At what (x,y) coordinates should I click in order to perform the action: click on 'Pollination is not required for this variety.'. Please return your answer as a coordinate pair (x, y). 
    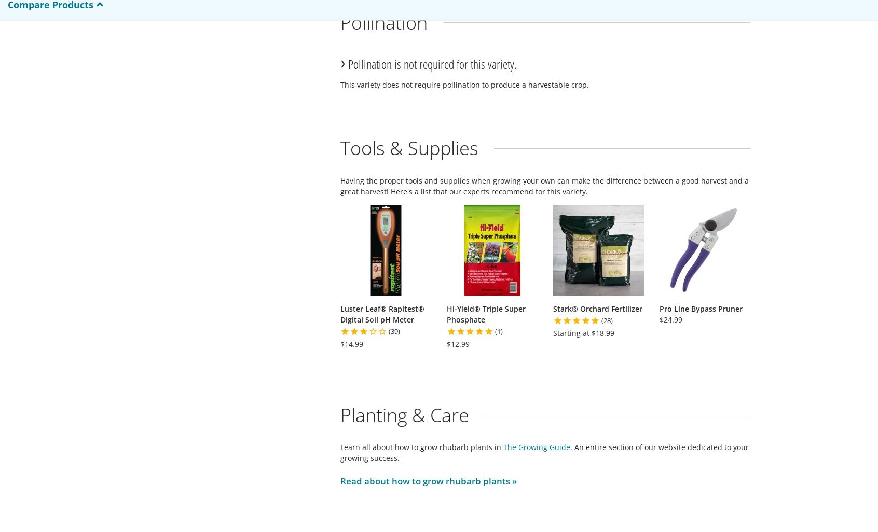
    Looking at the image, I should click on (432, 63).